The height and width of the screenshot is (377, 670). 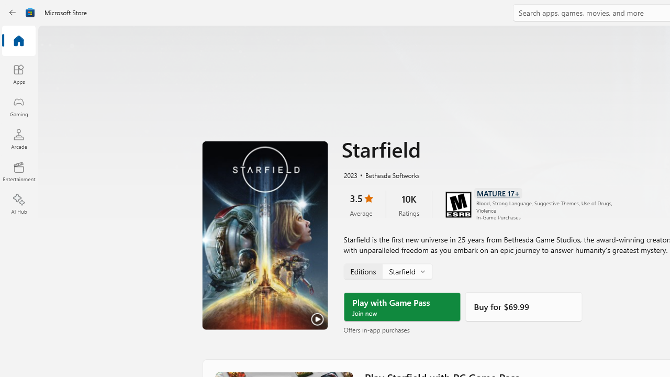 I want to click on 'Home', so click(x=18, y=41).